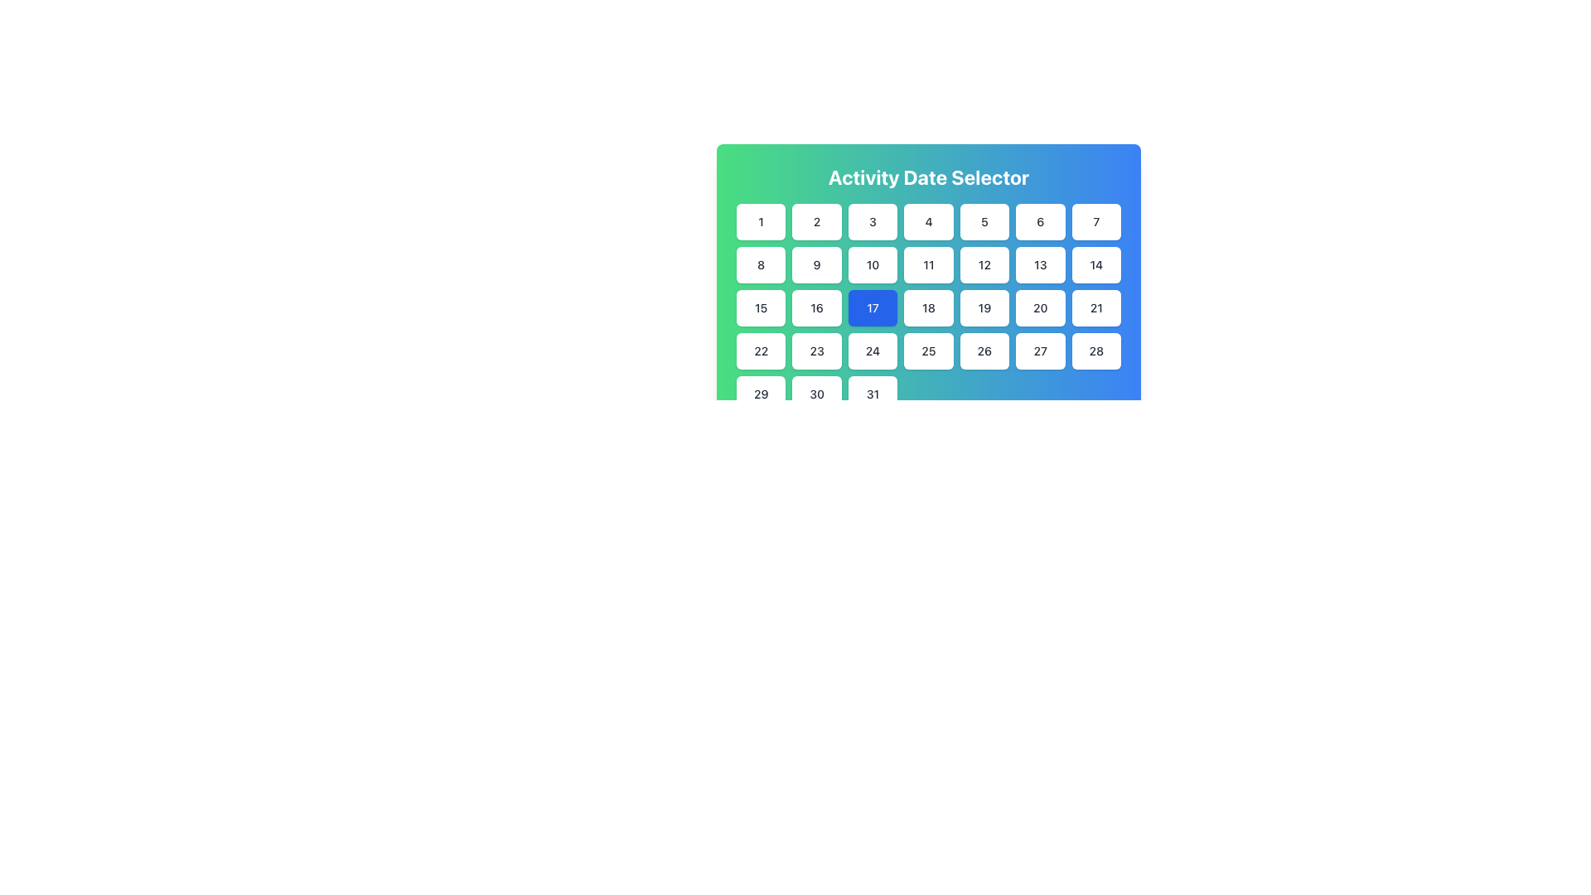 The width and height of the screenshot is (1591, 895). Describe the element at coordinates (872, 307) in the screenshot. I see `the calendar button representing the date '17'` at that location.